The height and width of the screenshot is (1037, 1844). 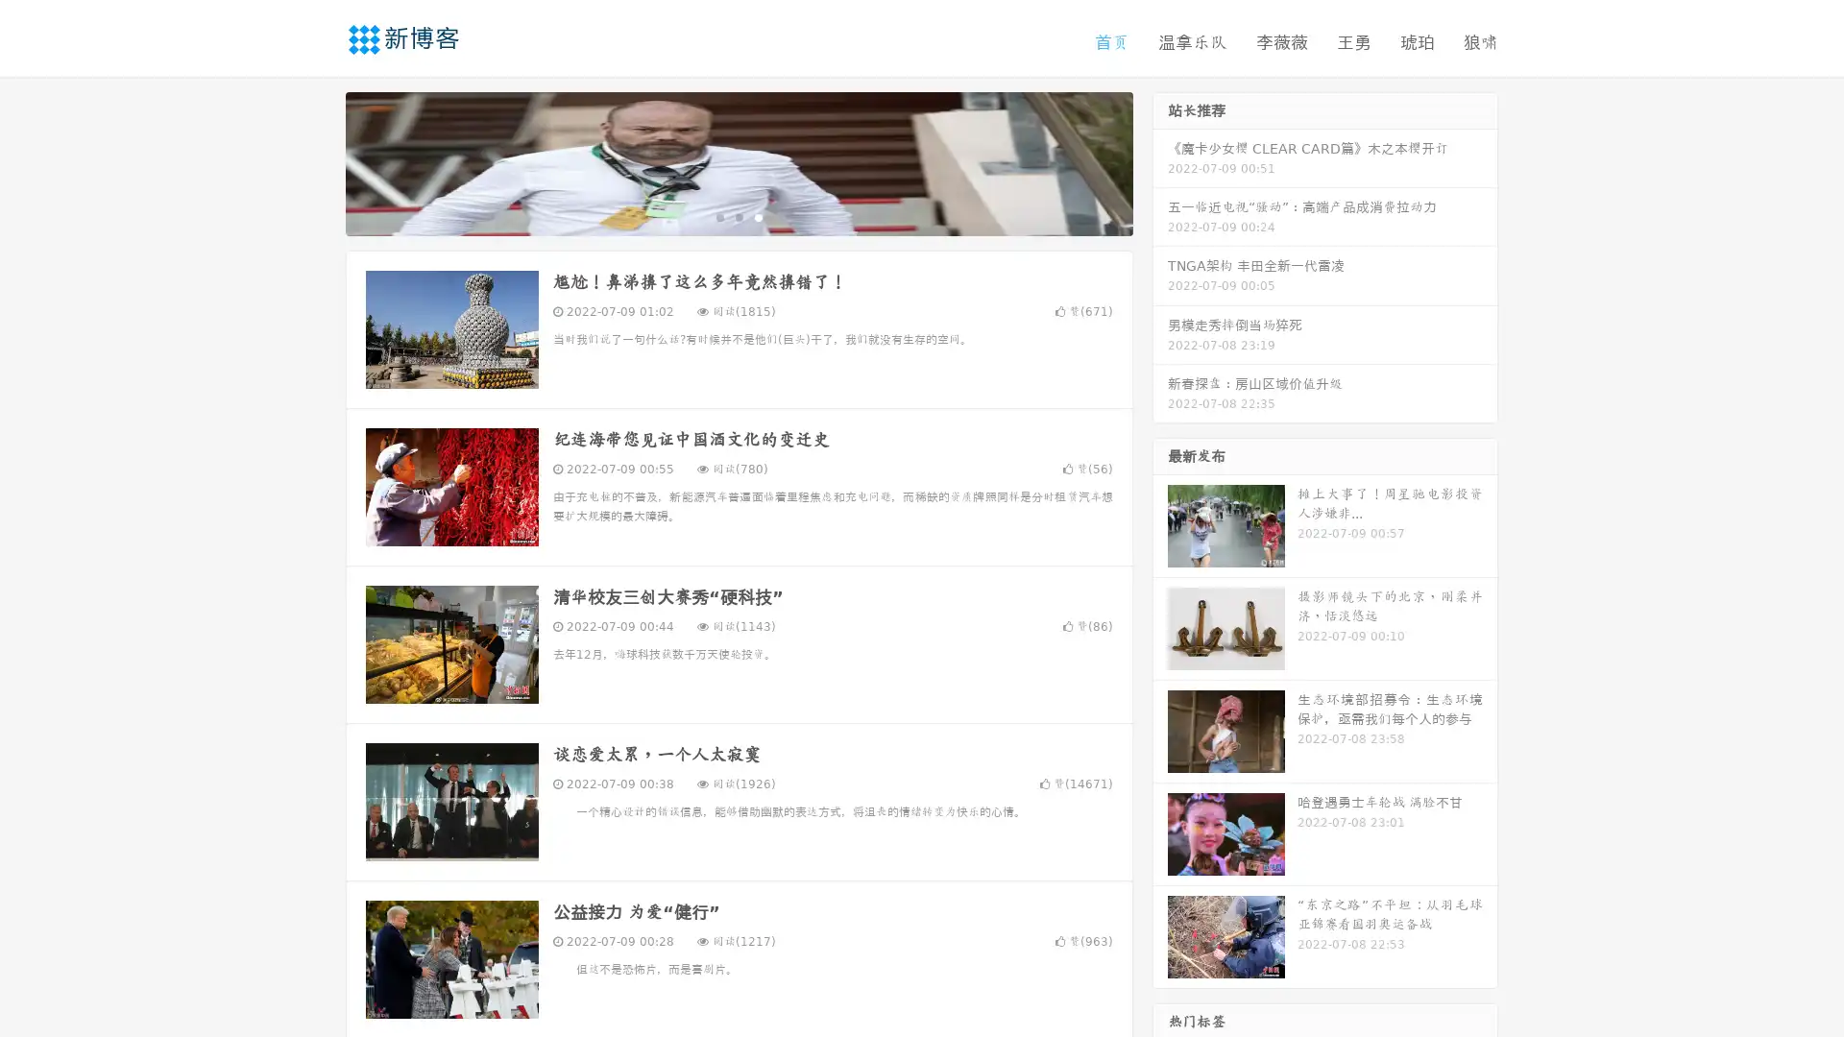 What do you see at coordinates (718, 216) in the screenshot?
I see `Go to slide 1` at bounding box center [718, 216].